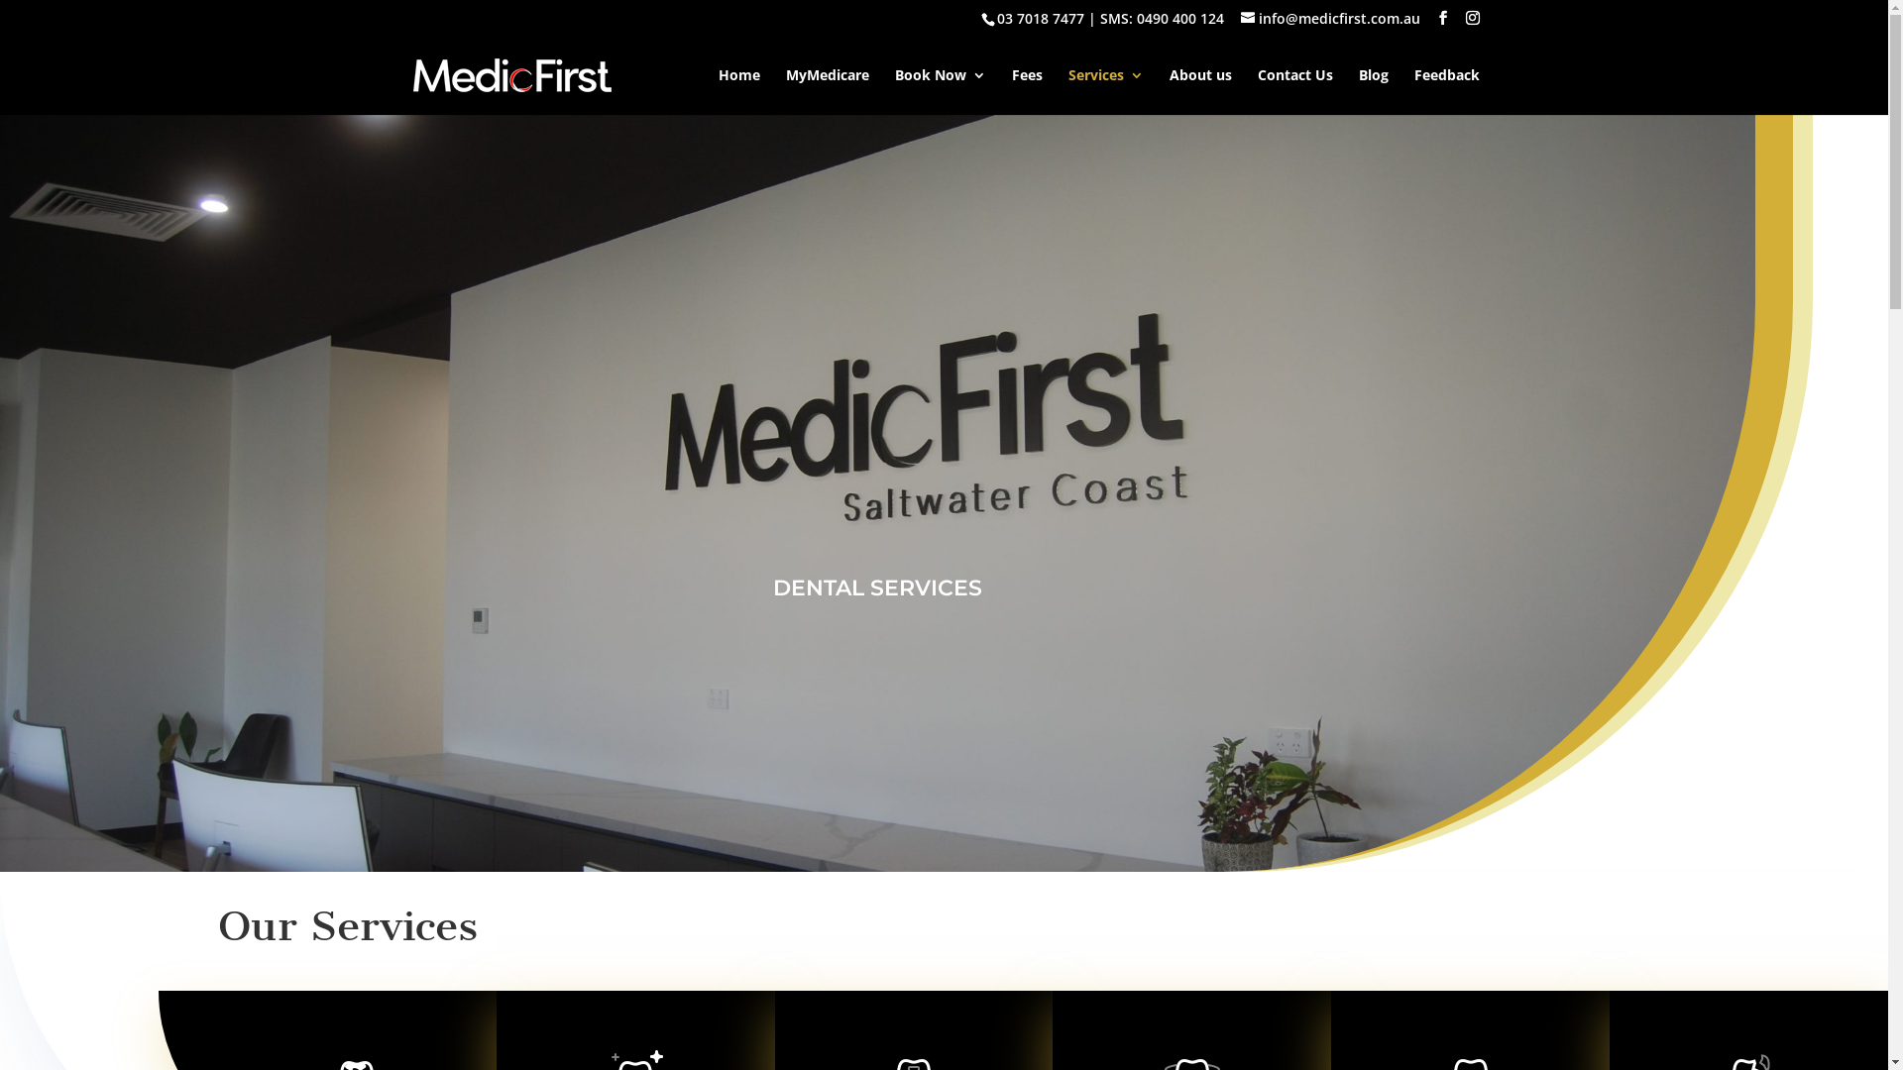 The height and width of the screenshot is (1070, 1903). I want to click on 'Blog', so click(1372, 91).